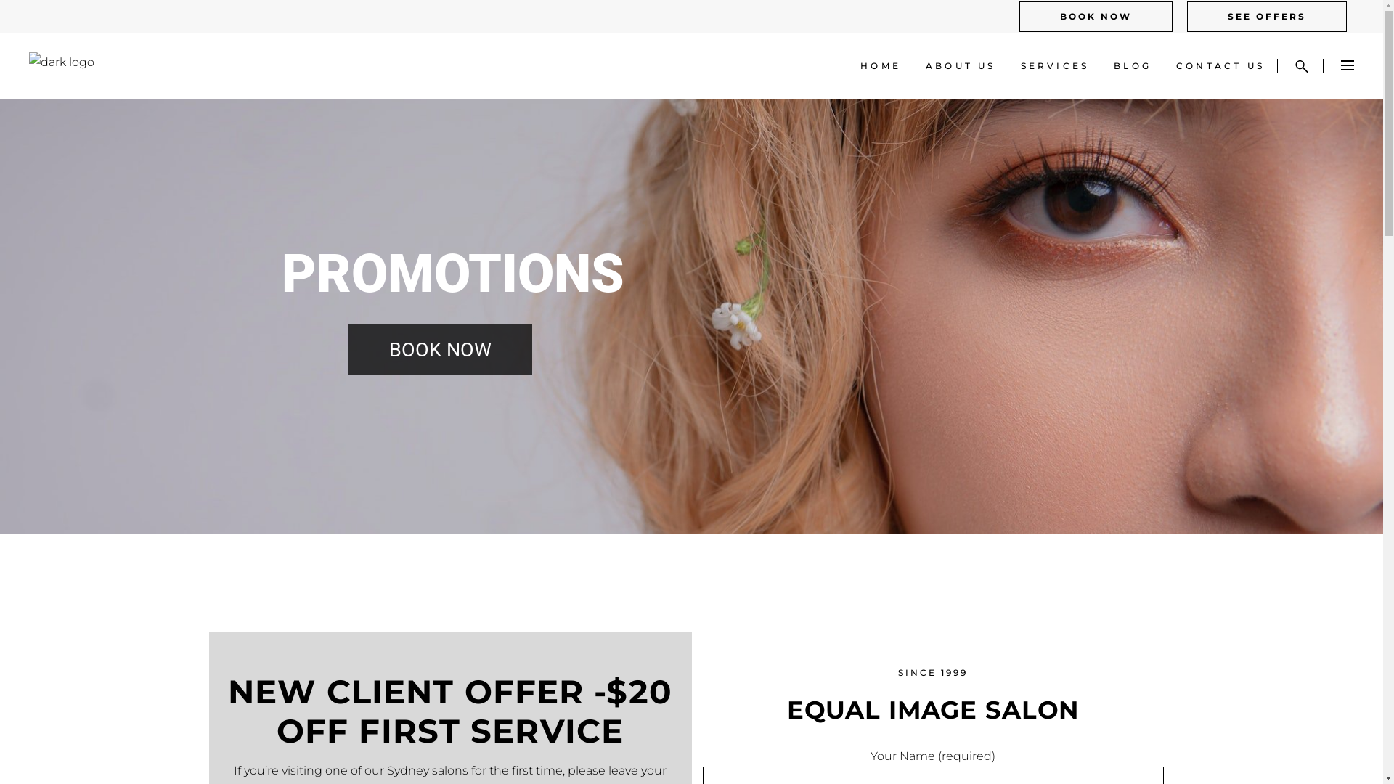 The height and width of the screenshot is (784, 1394). Describe the element at coordinates (1018, 17) in the screenshot. I see `'BOOK NOW'` at that location.